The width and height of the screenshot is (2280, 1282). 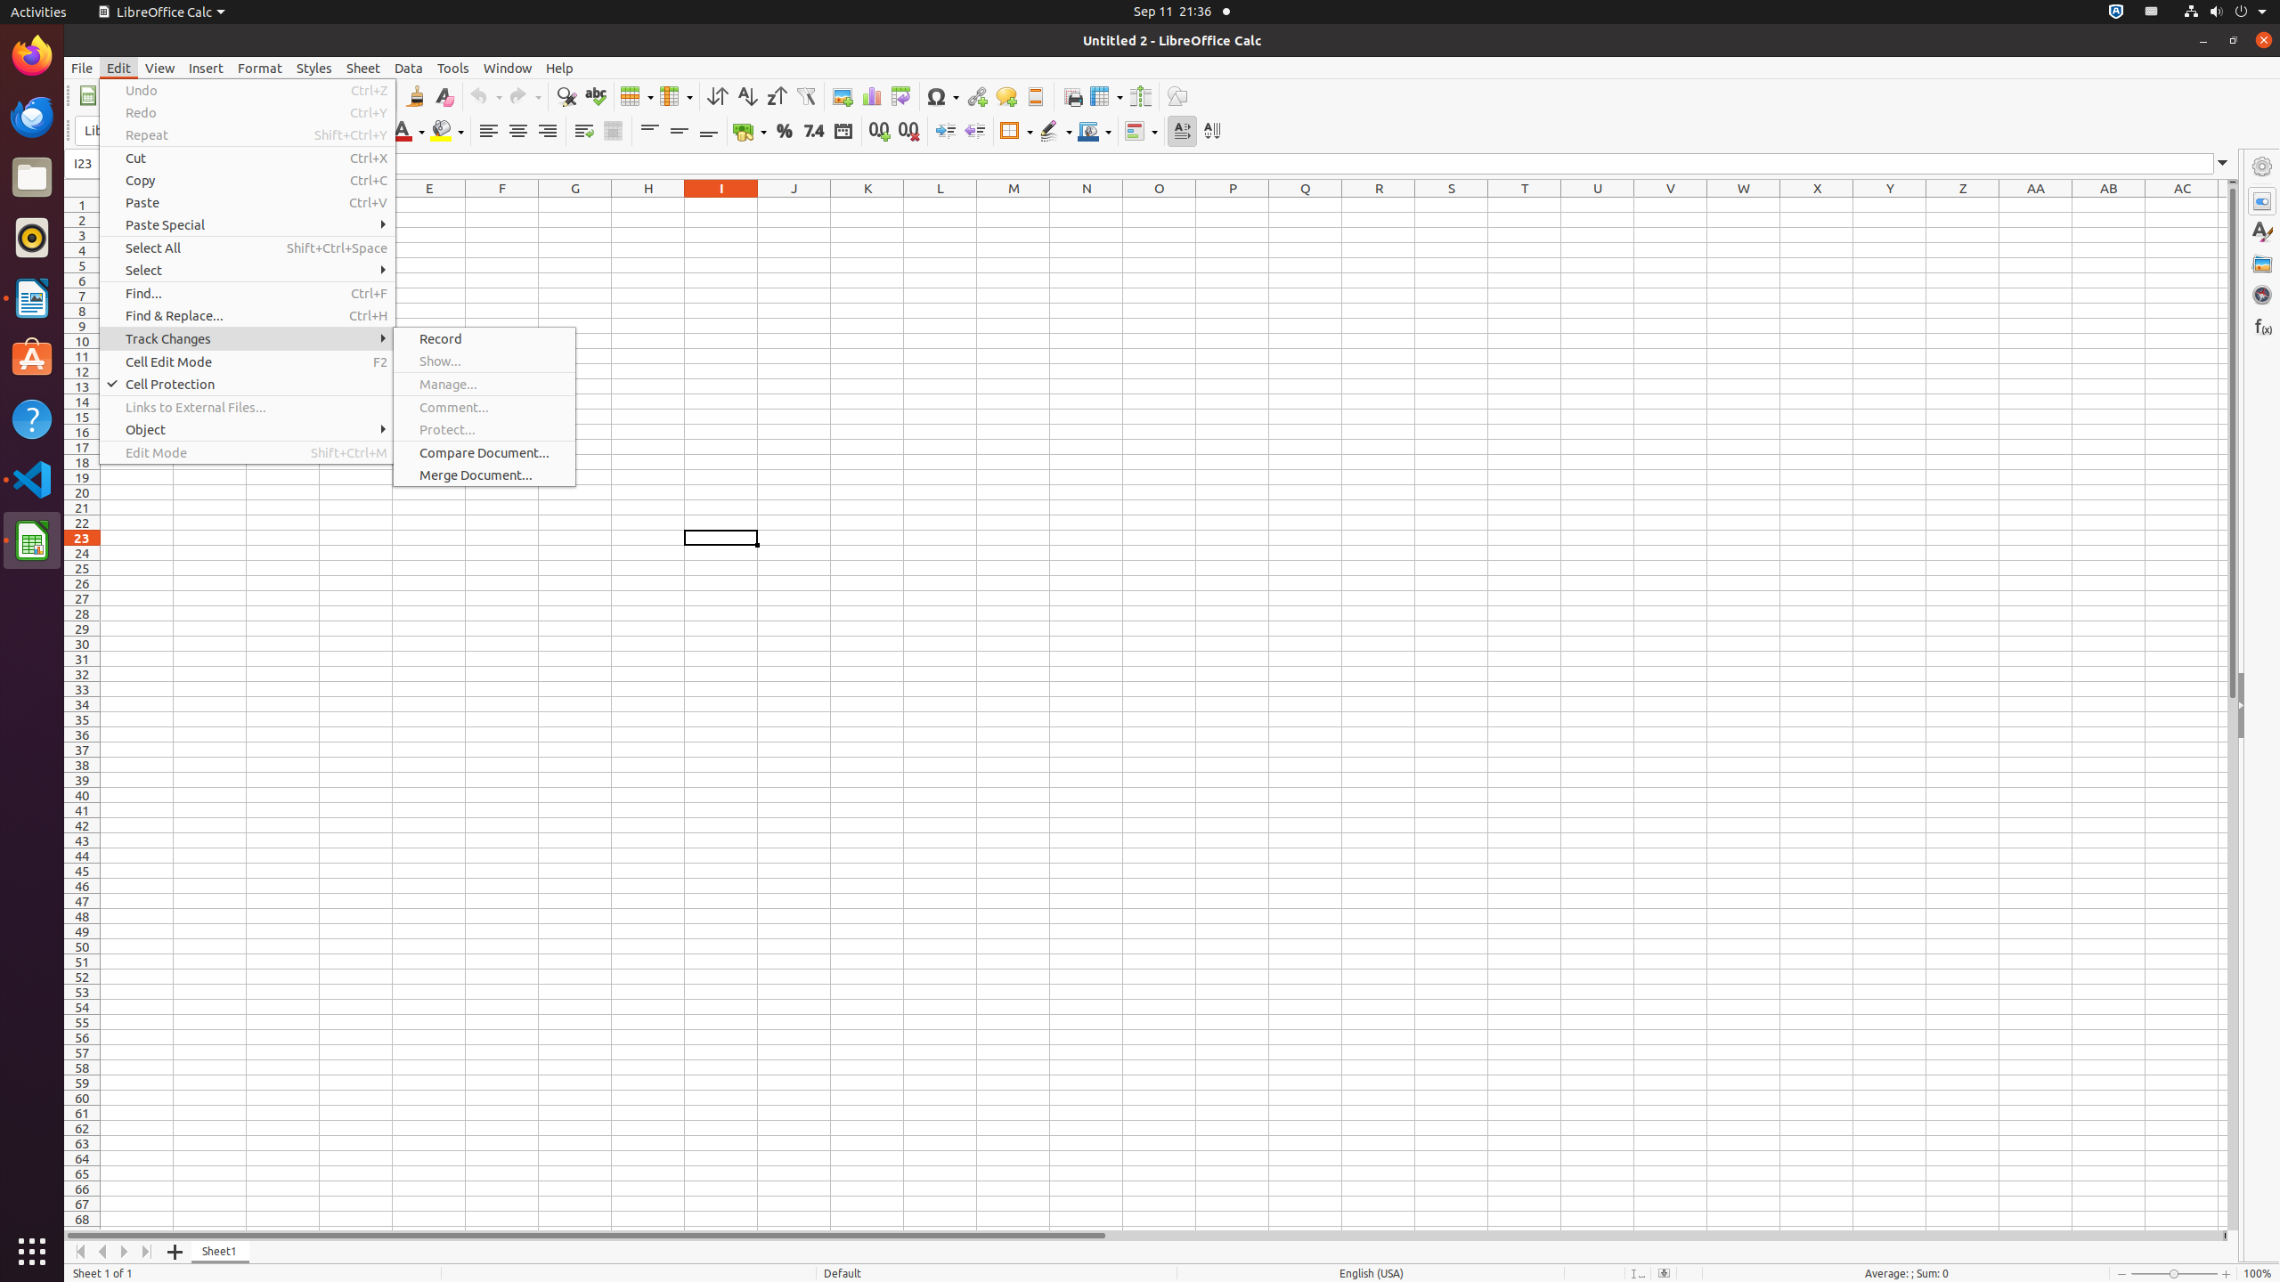 I want to click on 'AD1', so click(x=2222, y=204).